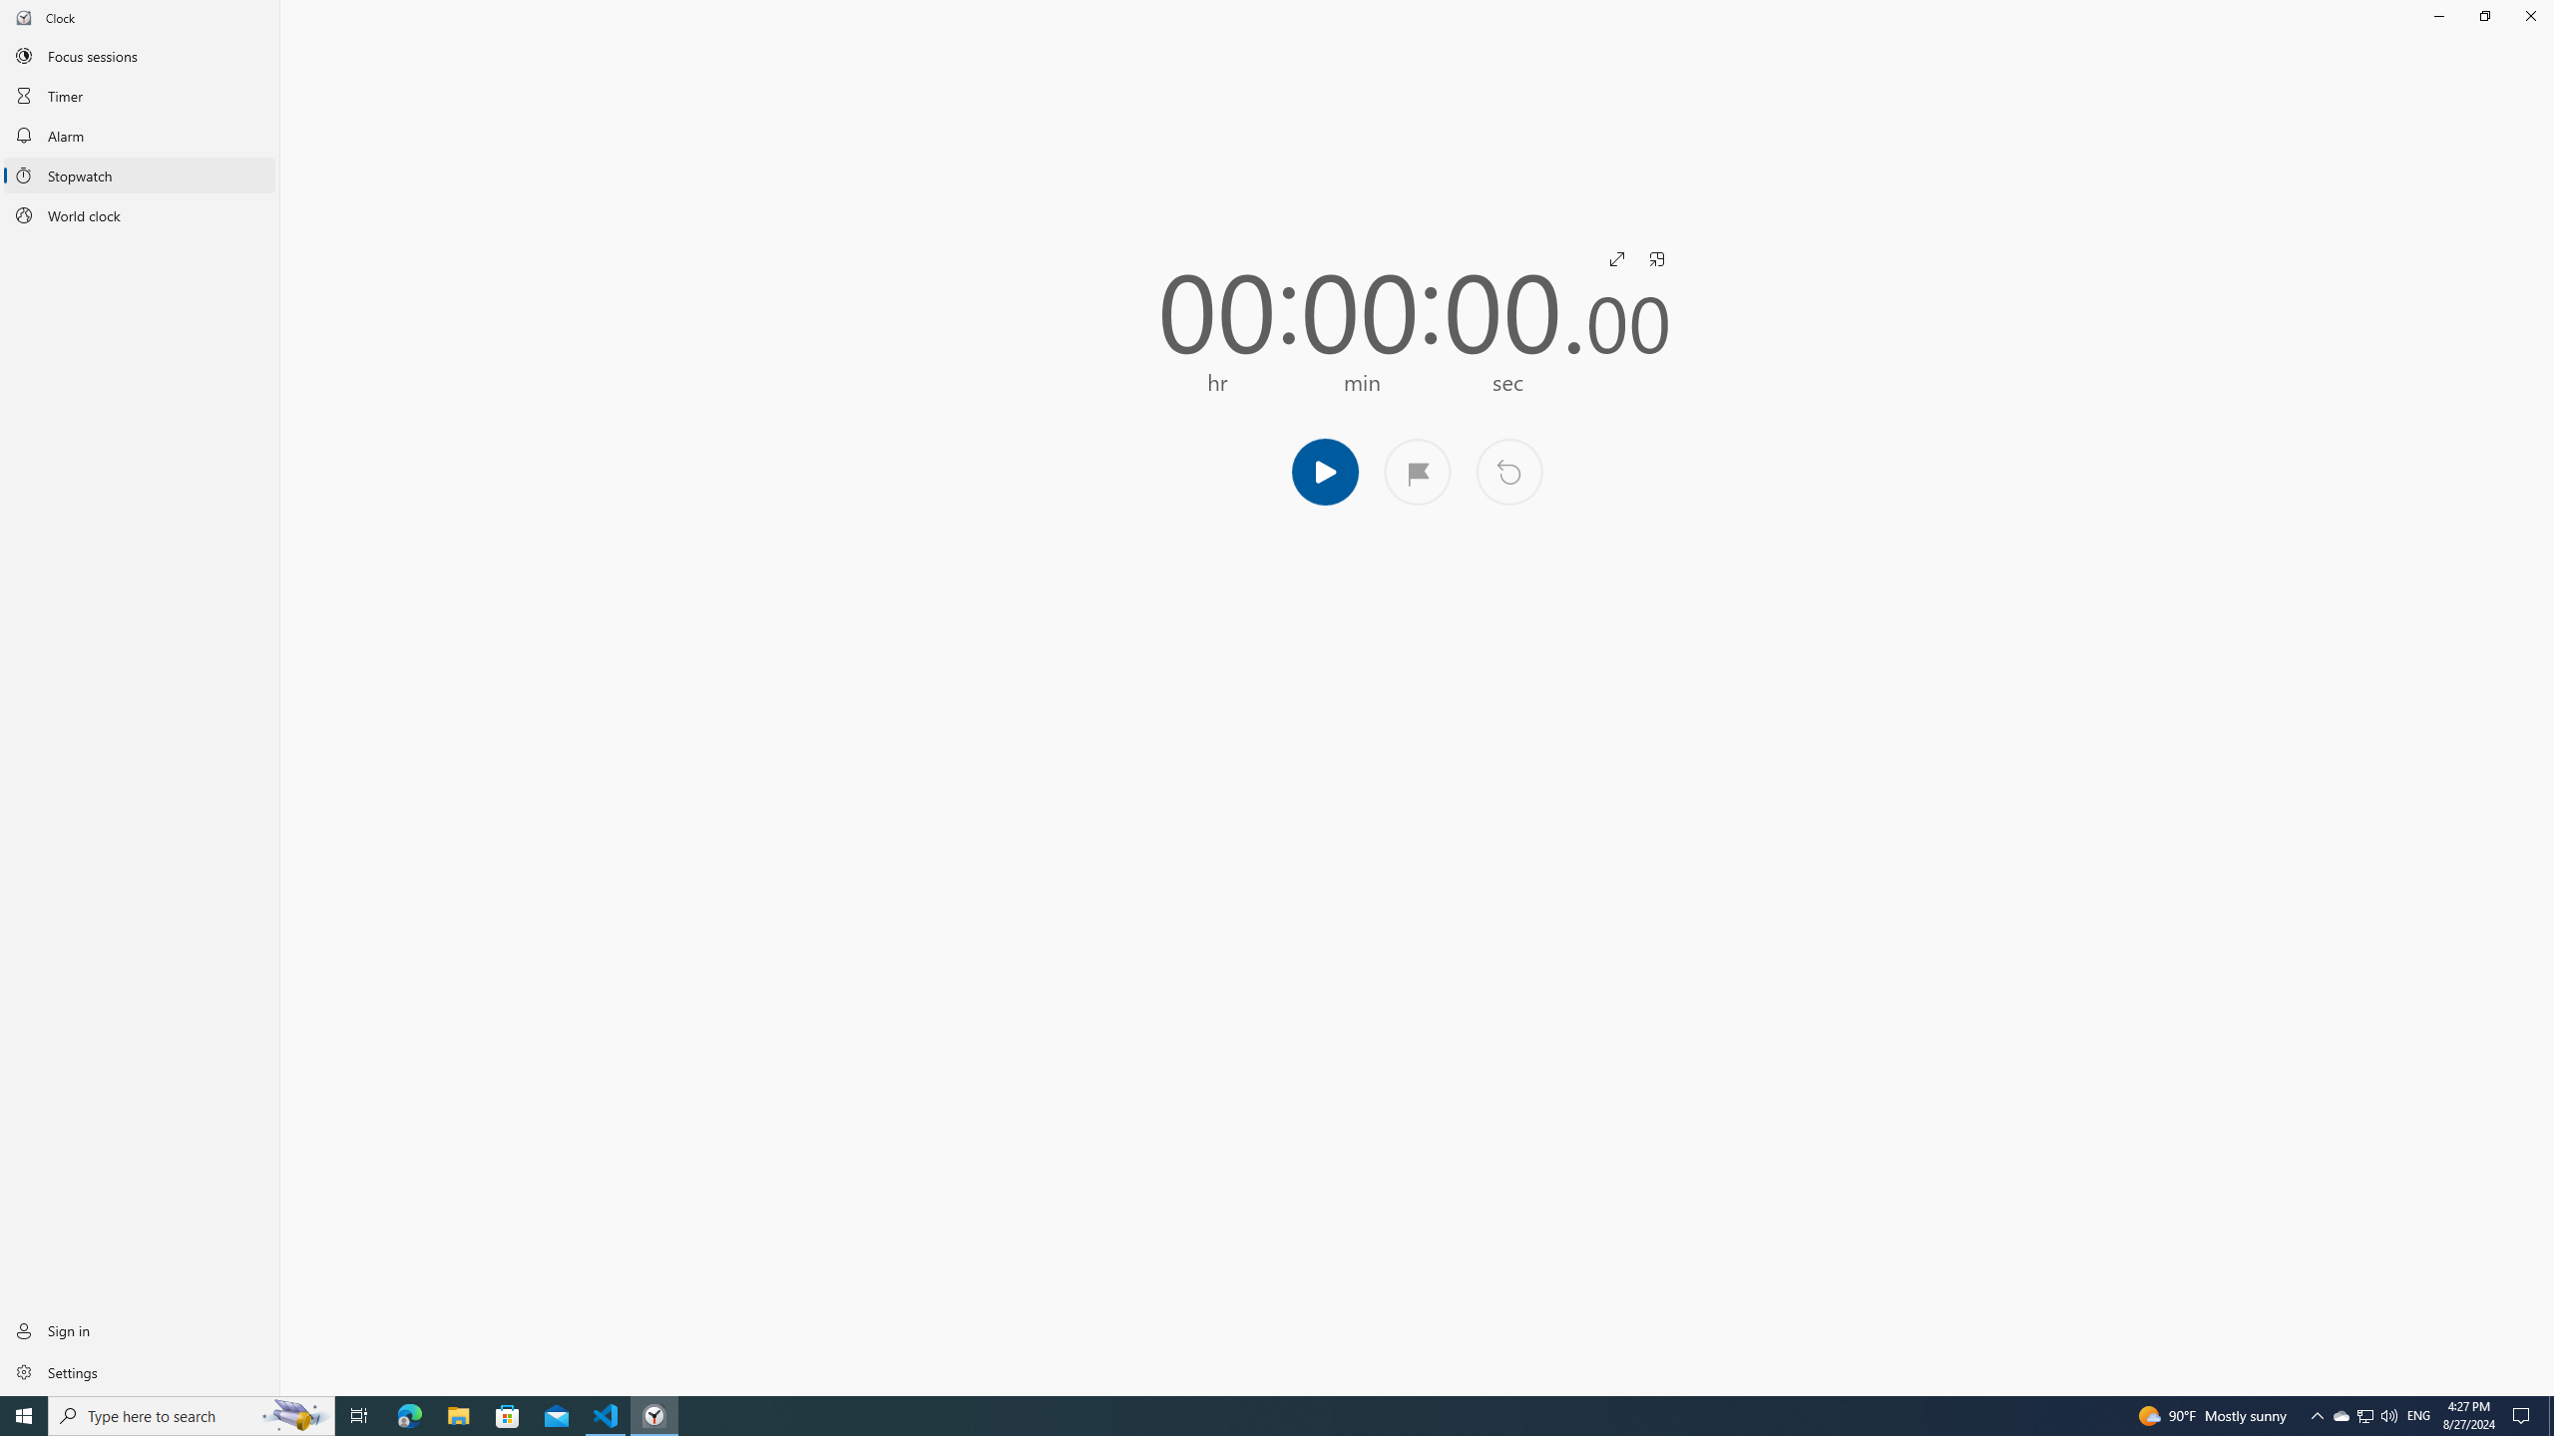 This screenshot has width=2554, height=1436. I want to click on 'Sign in', so click(139, 1329).